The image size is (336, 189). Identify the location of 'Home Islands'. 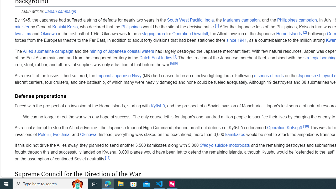
(288, 33).